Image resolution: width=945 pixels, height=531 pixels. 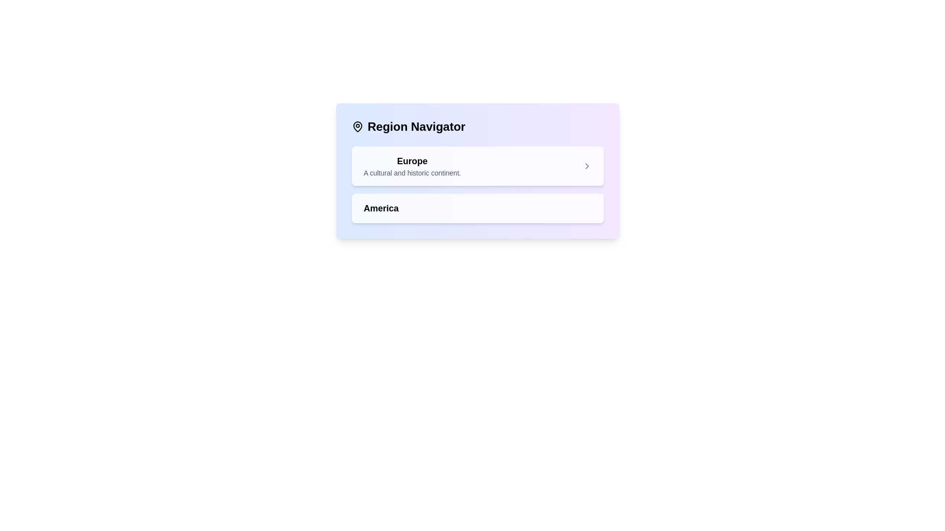 What do you see at coordinates (477, 166) in the screenshot?
I see `the clickable list item labeled 'Europe'` at bounding box center [477, 166].